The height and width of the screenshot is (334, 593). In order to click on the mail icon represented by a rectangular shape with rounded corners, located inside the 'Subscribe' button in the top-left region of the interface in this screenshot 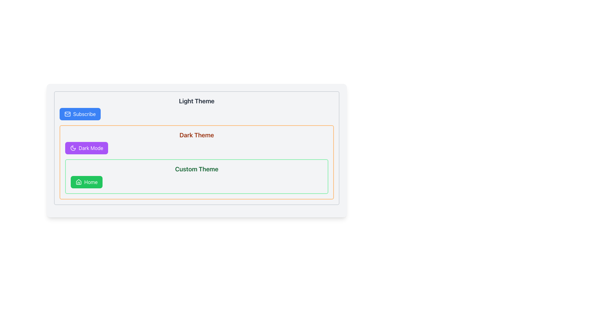, I will do `click(68, 114)`.